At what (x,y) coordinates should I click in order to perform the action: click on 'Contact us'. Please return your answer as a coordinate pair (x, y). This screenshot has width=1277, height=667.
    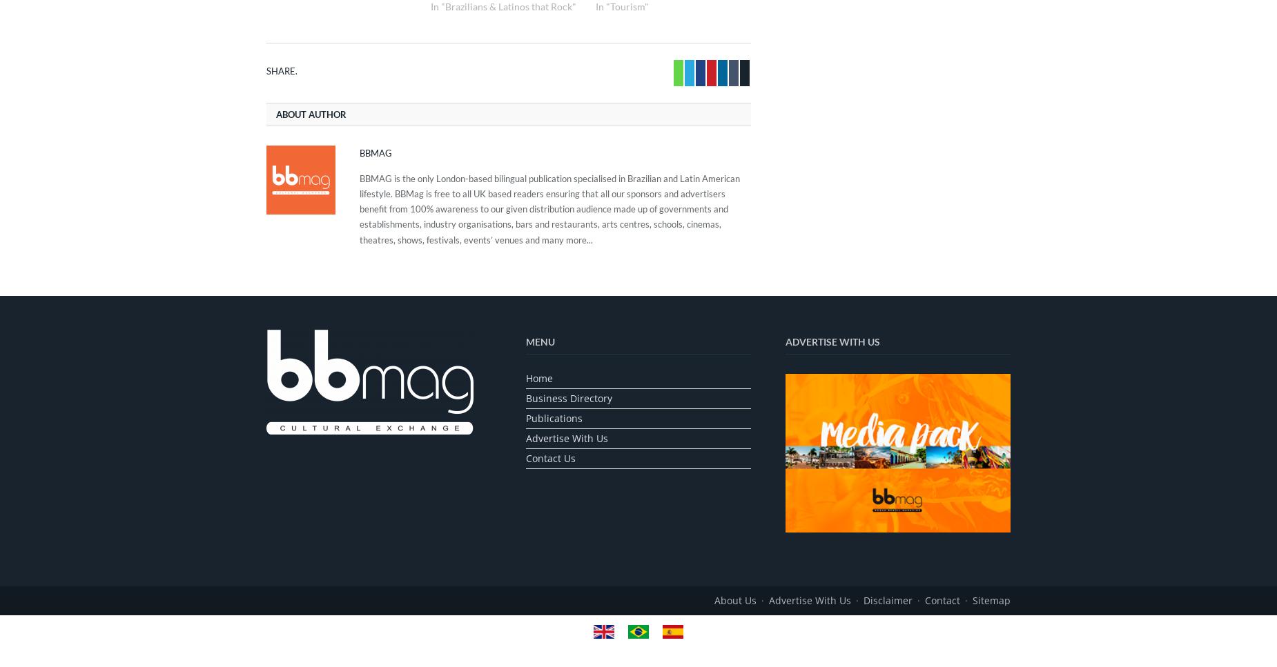
    Looking at the image, I should click on (551, 457).